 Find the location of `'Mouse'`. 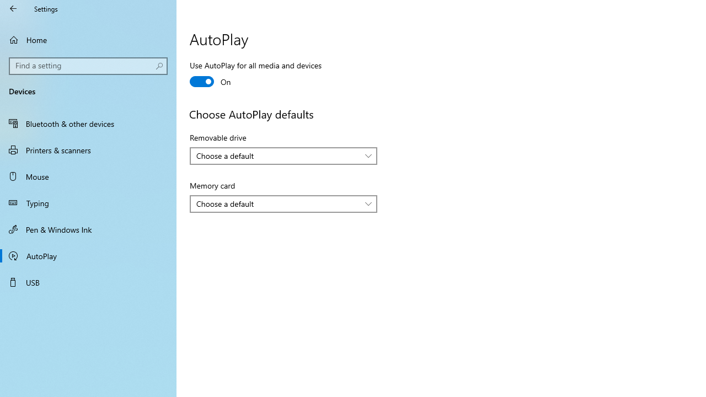

'Mouse' is located at coordinates (88, 176).